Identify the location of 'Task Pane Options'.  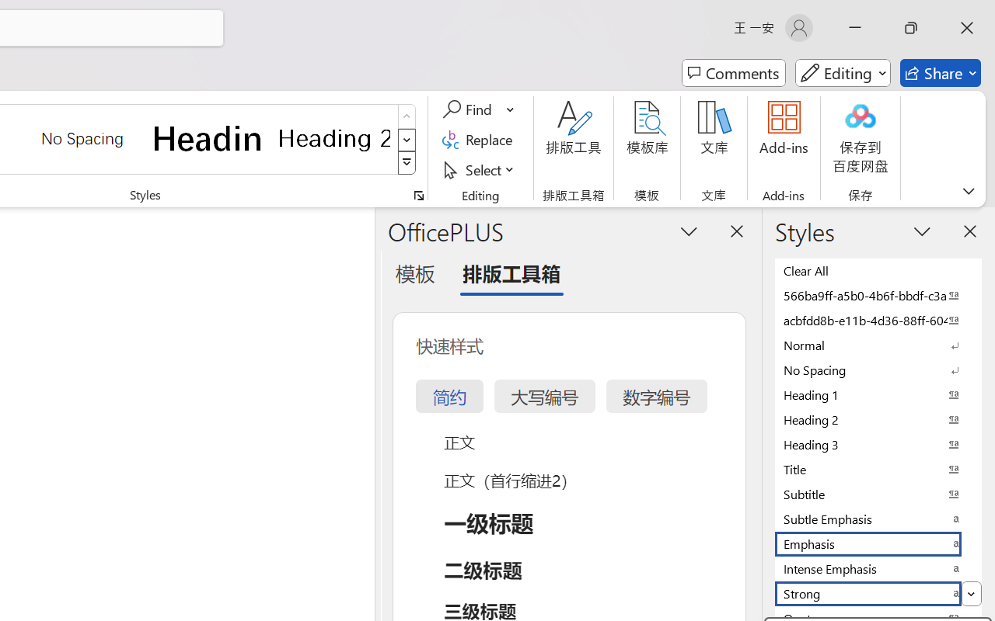
(689, 231).